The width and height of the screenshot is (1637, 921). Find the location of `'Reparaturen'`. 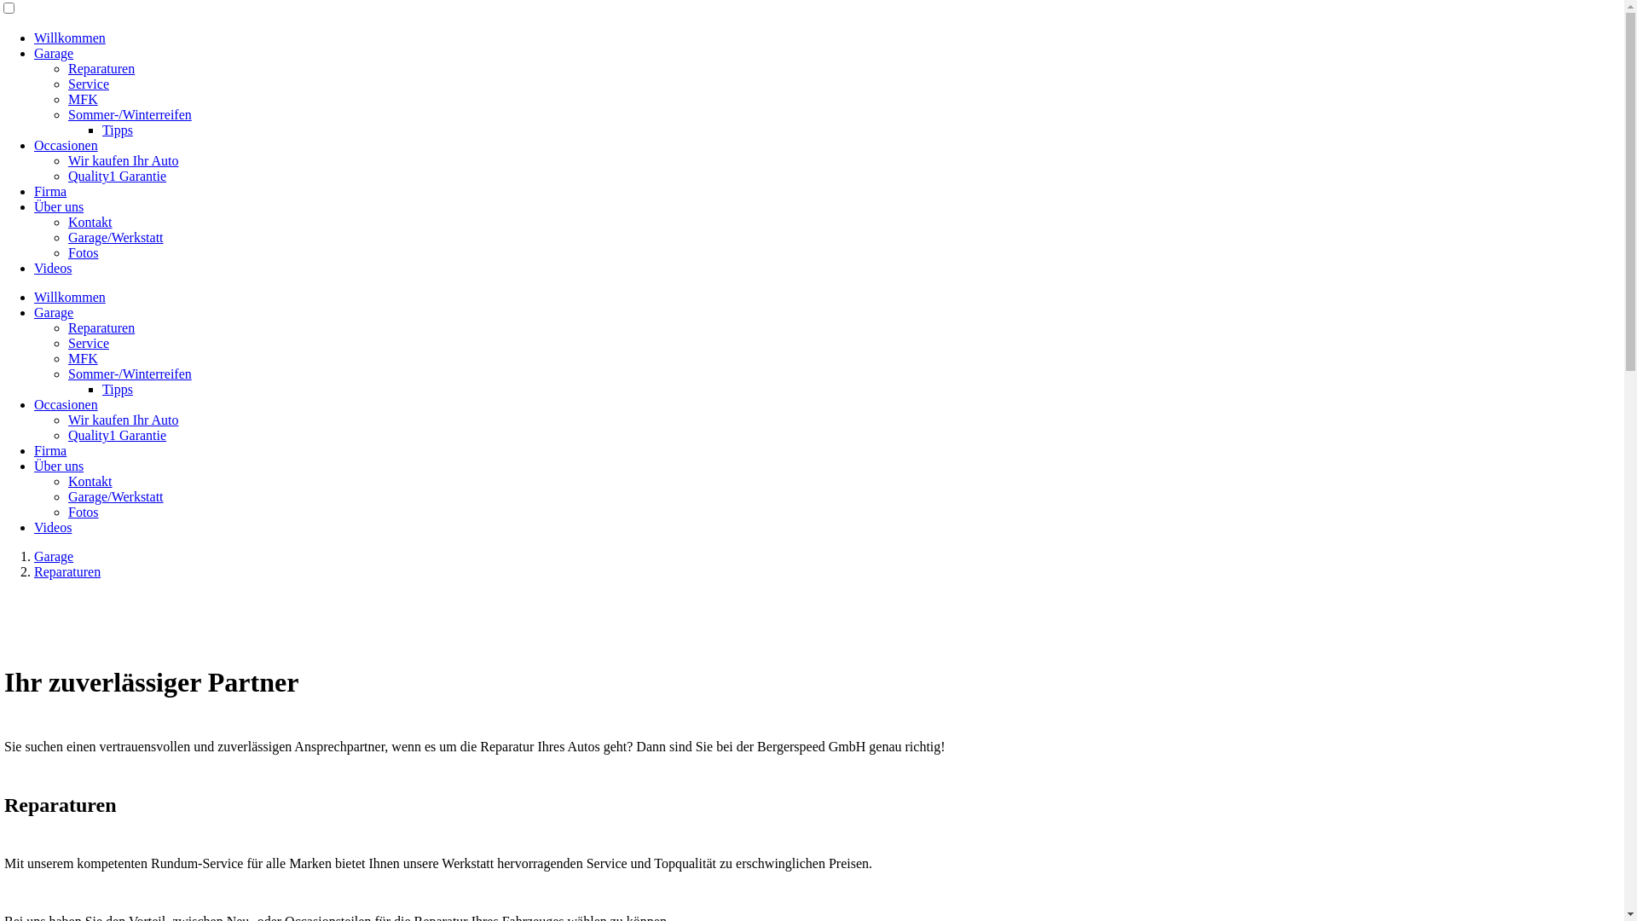

'Reparaturen' is located at coordinates (101, 67).